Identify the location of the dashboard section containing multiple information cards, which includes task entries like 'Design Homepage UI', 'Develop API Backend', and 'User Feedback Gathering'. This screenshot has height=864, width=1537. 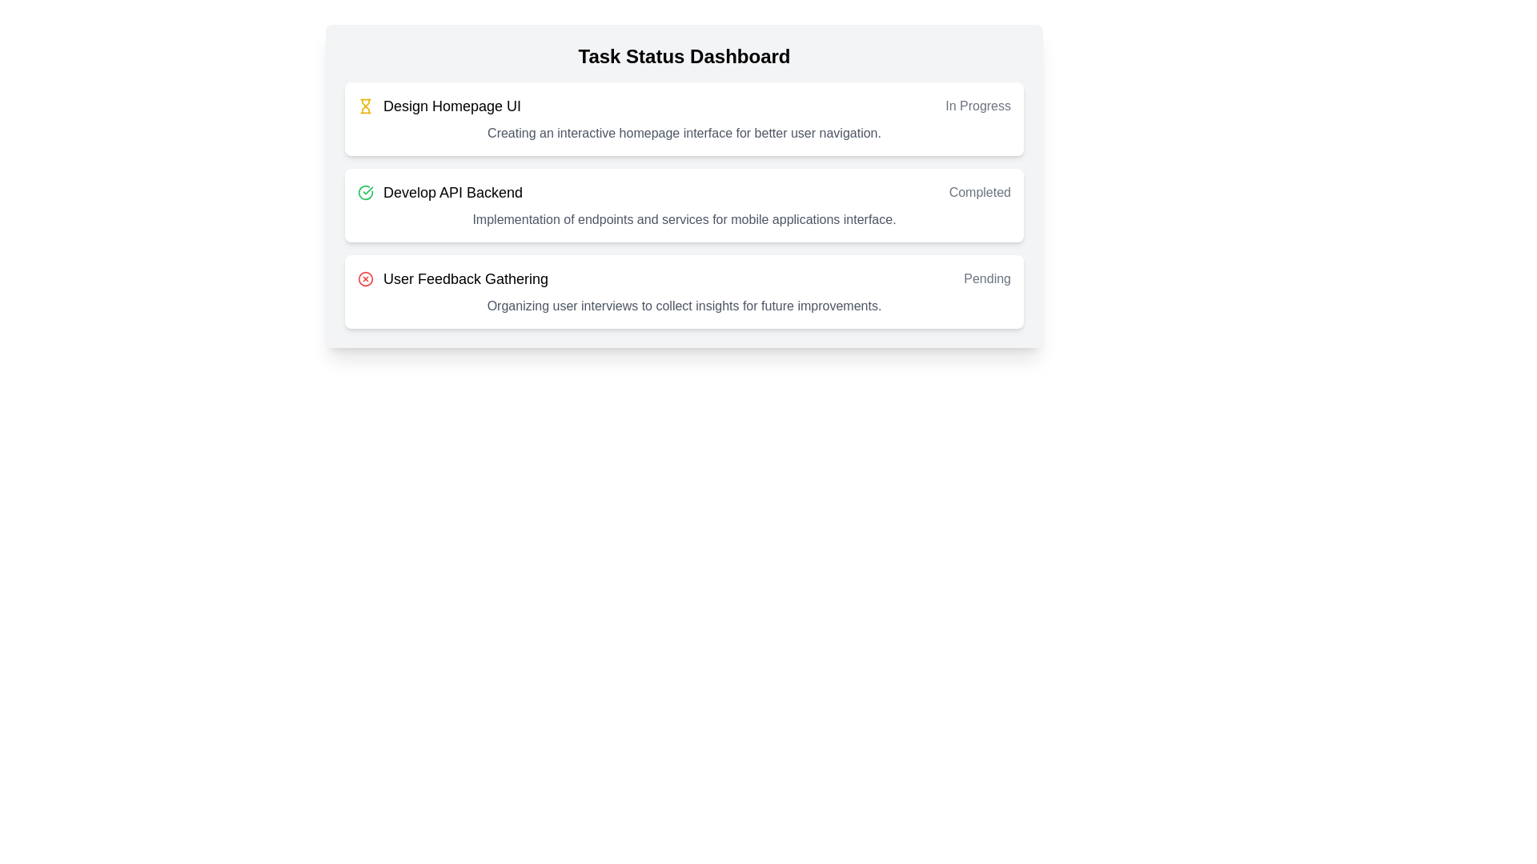
(684, 185).